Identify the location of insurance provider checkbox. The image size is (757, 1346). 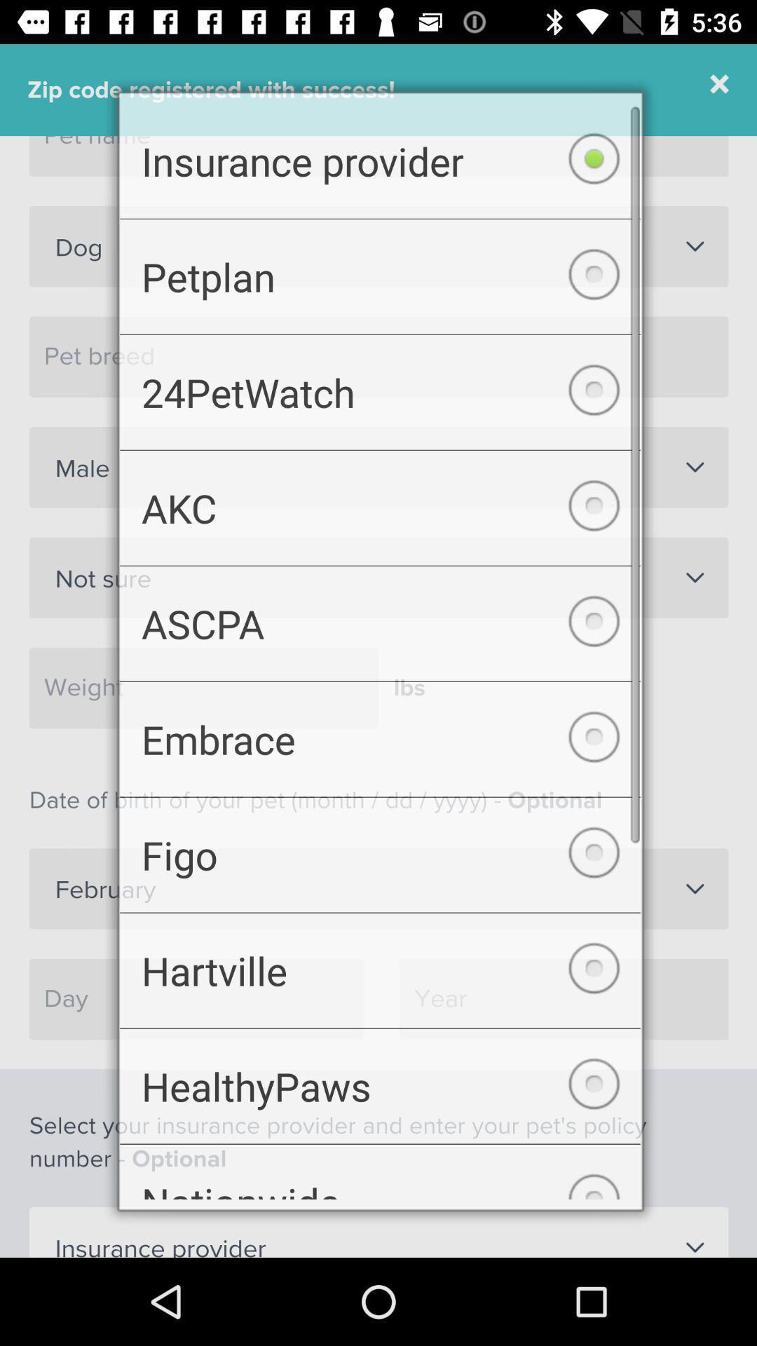
(380, 147).